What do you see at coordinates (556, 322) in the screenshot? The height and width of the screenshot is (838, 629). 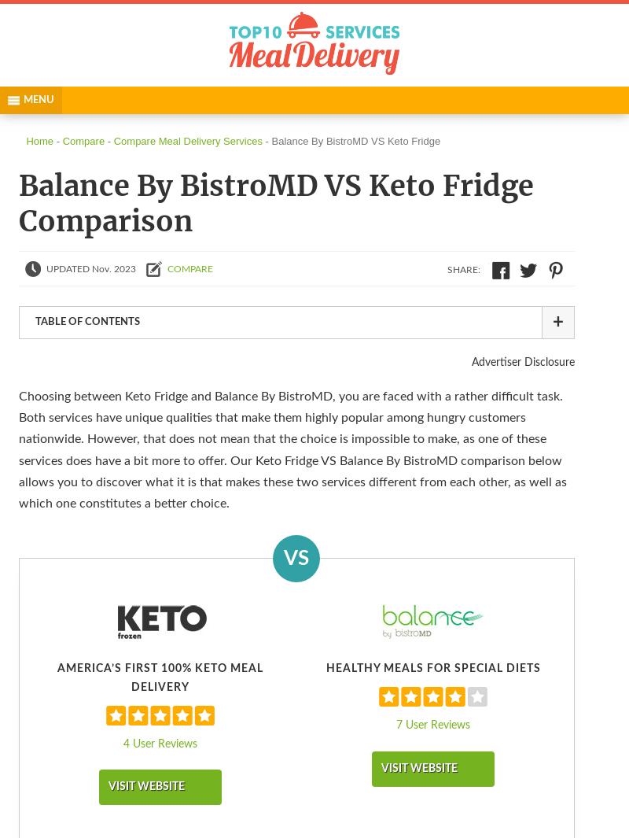 I see `'+'` at bounding box center [556, 322].